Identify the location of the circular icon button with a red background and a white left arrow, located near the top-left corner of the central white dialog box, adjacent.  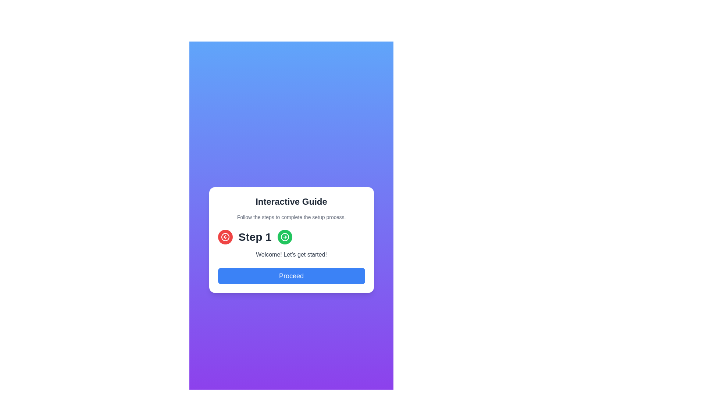
(225, 237).